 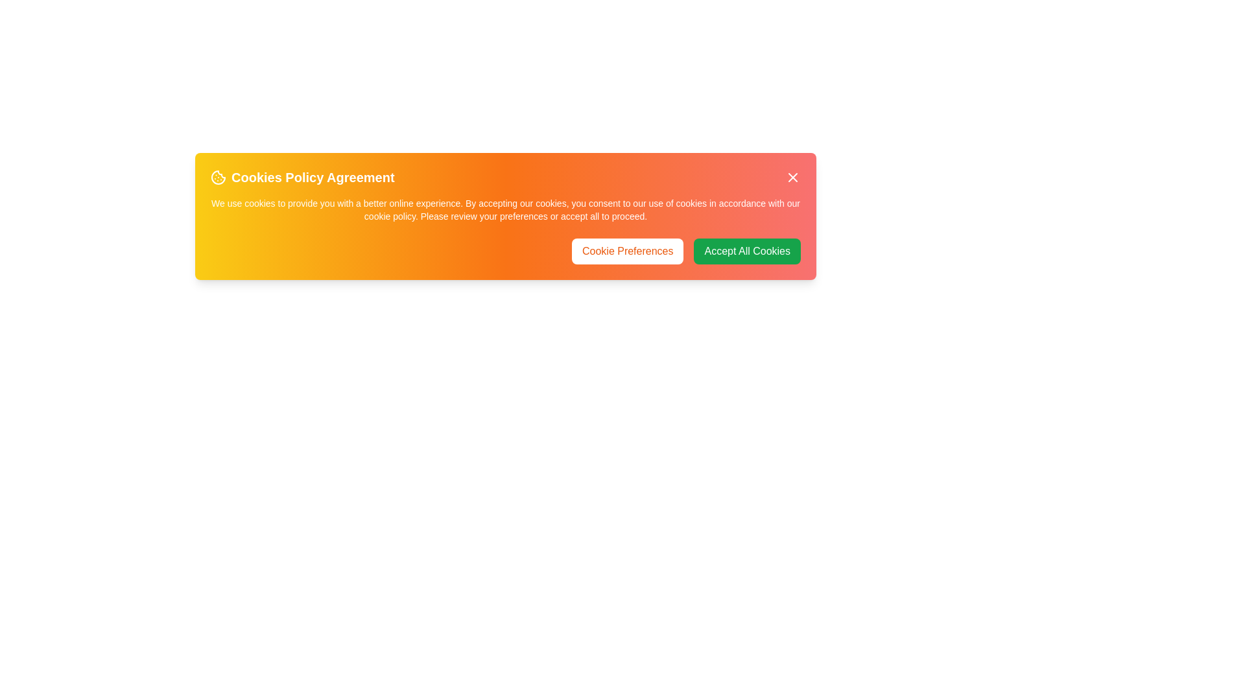 I want to click on the 'X' shaped Close Button icon located in the top-right corner of the cookie agreement banner, so click(x=792, y=177).